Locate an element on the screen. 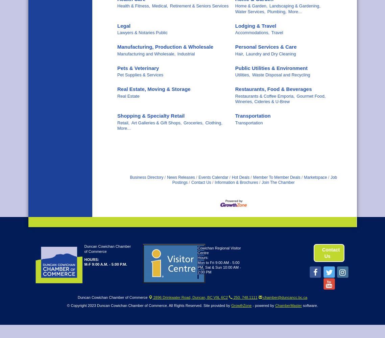  'chamber@duncancc.bc.ca' is located at coordinates (284, 297).